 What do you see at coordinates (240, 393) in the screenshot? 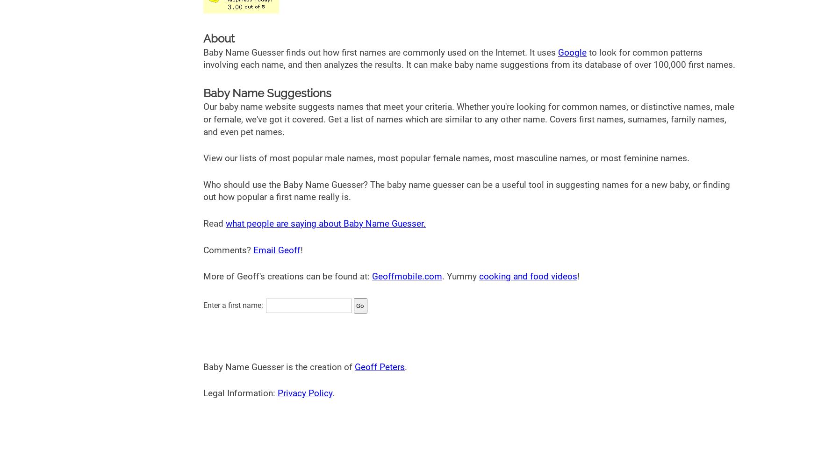
I see `'Legal Information:'` at bounding box center [240, 393].